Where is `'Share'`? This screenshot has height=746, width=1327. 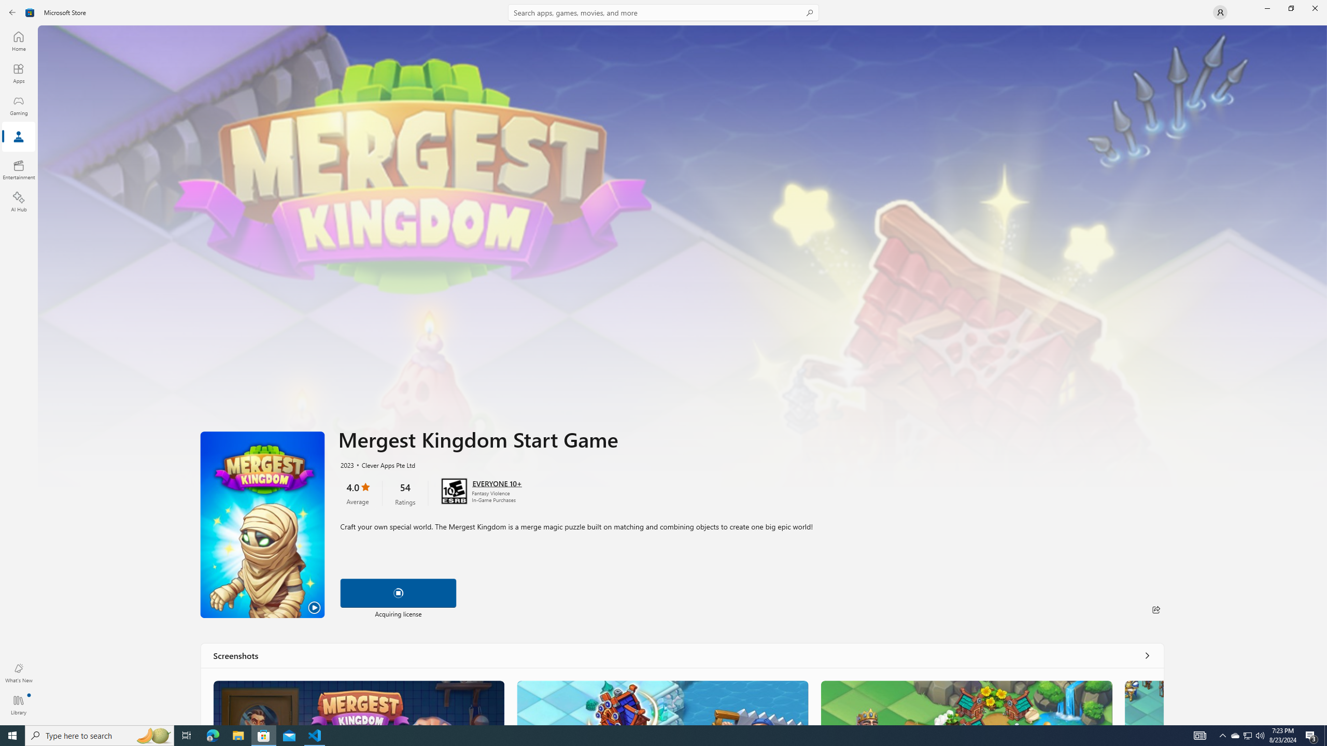 'Share' is located at coordinates (1155, 609).